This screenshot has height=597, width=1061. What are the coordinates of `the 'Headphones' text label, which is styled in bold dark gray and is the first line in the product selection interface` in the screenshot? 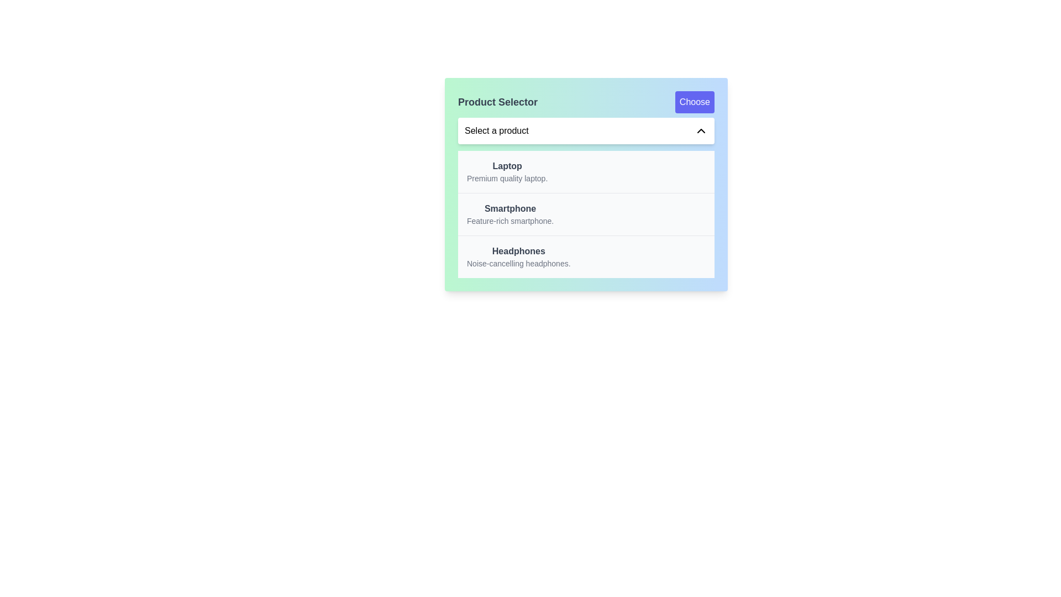 It's located at (518, 252).